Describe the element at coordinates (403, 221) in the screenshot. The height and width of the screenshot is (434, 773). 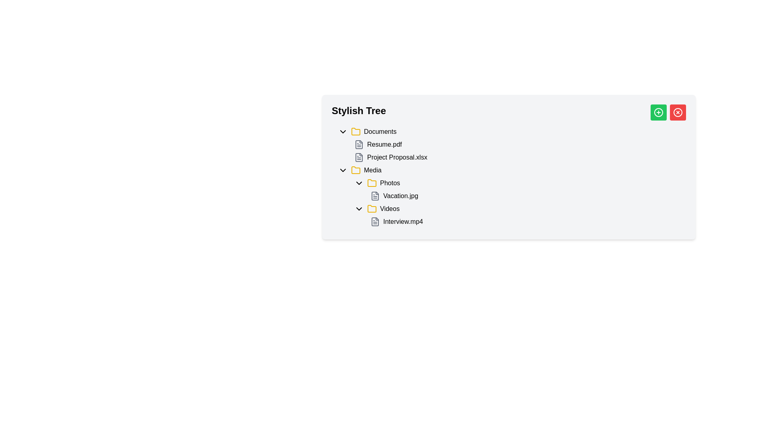
I see `the text label displaying 'Interview.mp4' located` at that location.